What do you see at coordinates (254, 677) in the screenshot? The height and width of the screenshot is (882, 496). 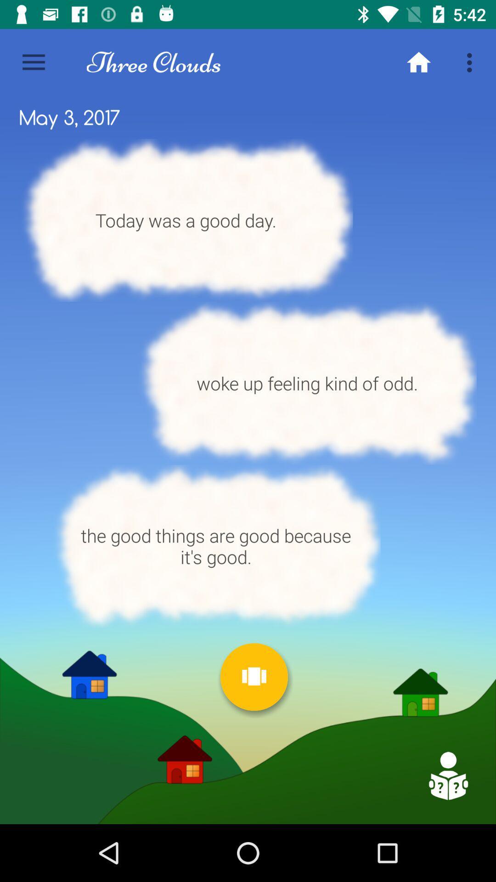 I see `see more` at bounding box center [254, 677].